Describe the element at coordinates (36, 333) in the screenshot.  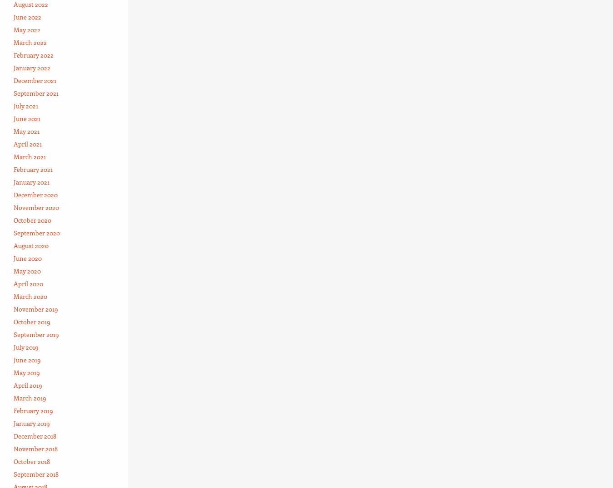
I see `'September 2019'` at that location.